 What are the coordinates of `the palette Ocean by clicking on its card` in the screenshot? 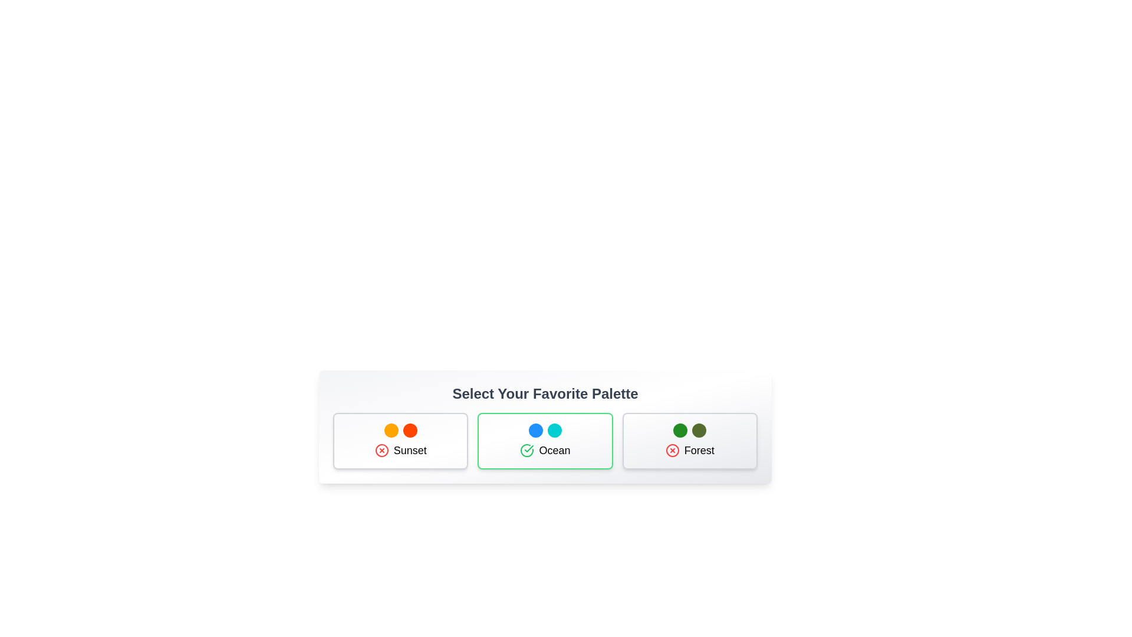 It's located at (545, 441).